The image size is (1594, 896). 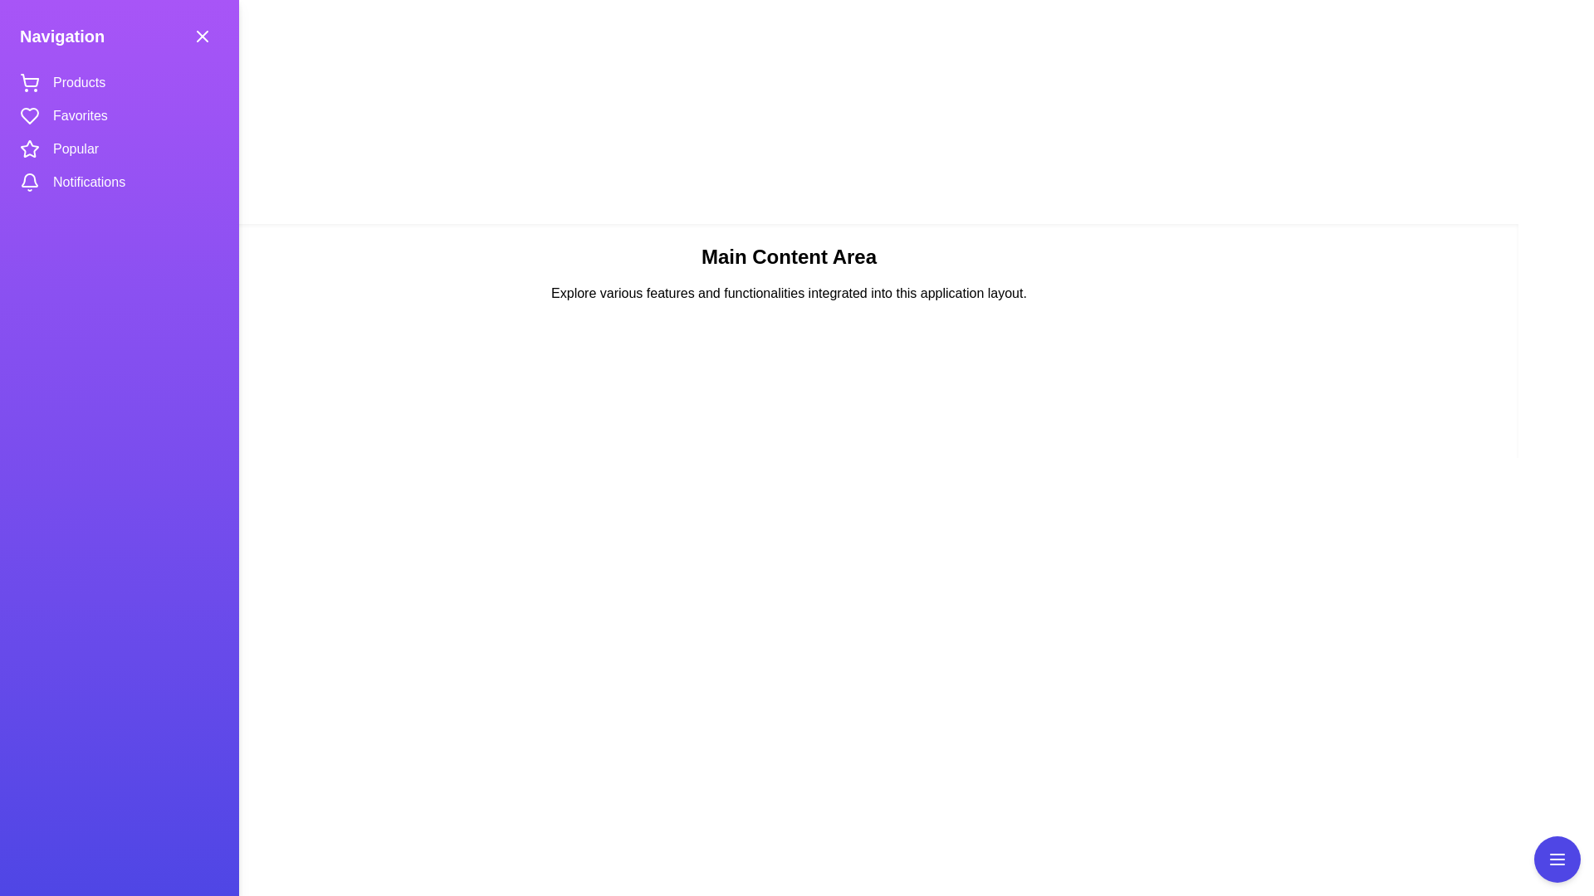 I want to click on the navigation item Products to navigate to the corresponding section, so click(x=78, y=83).